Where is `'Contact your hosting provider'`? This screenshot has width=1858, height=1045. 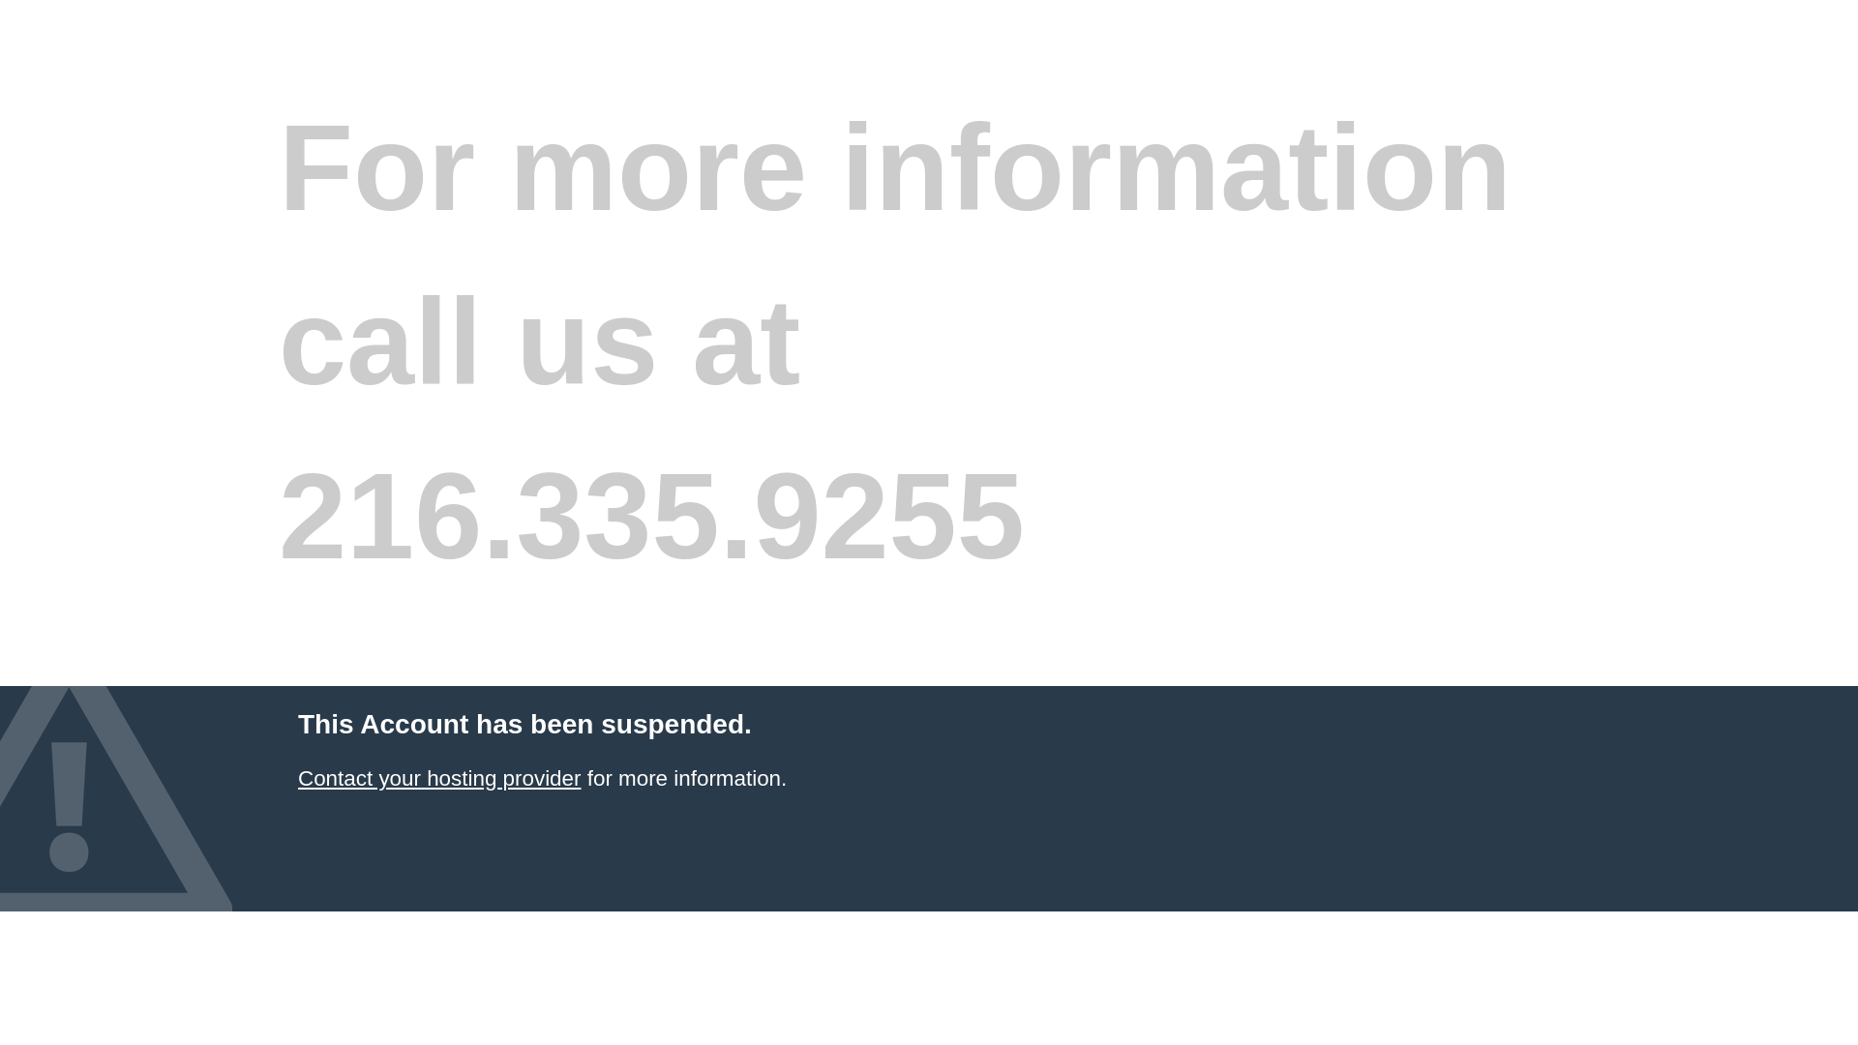
'Contact your hosting provider' is located at coordinates (438, 777).